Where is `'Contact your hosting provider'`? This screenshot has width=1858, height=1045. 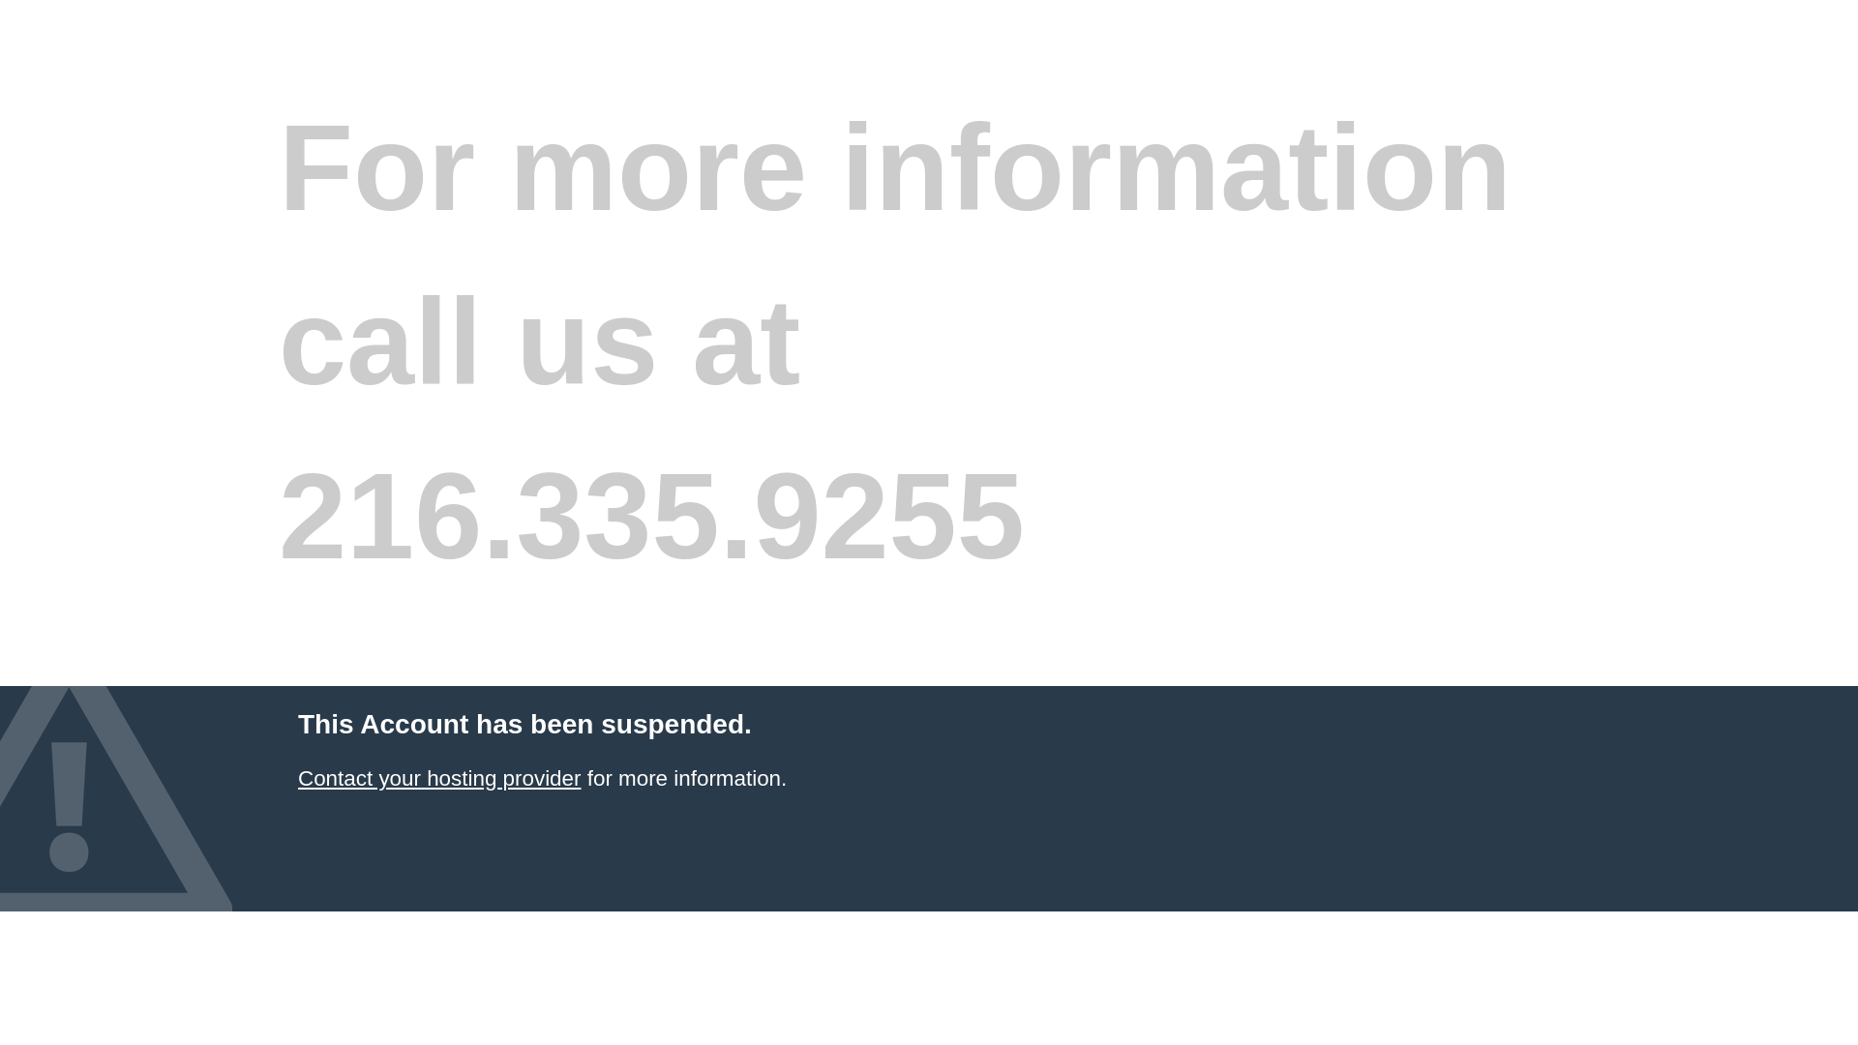
'Contact your hosting provider' is located at coordinates (438, 777).